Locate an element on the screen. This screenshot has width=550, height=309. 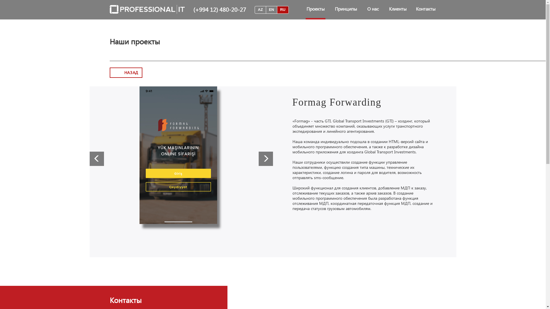
'RU' is located at coordinates (283, 10).